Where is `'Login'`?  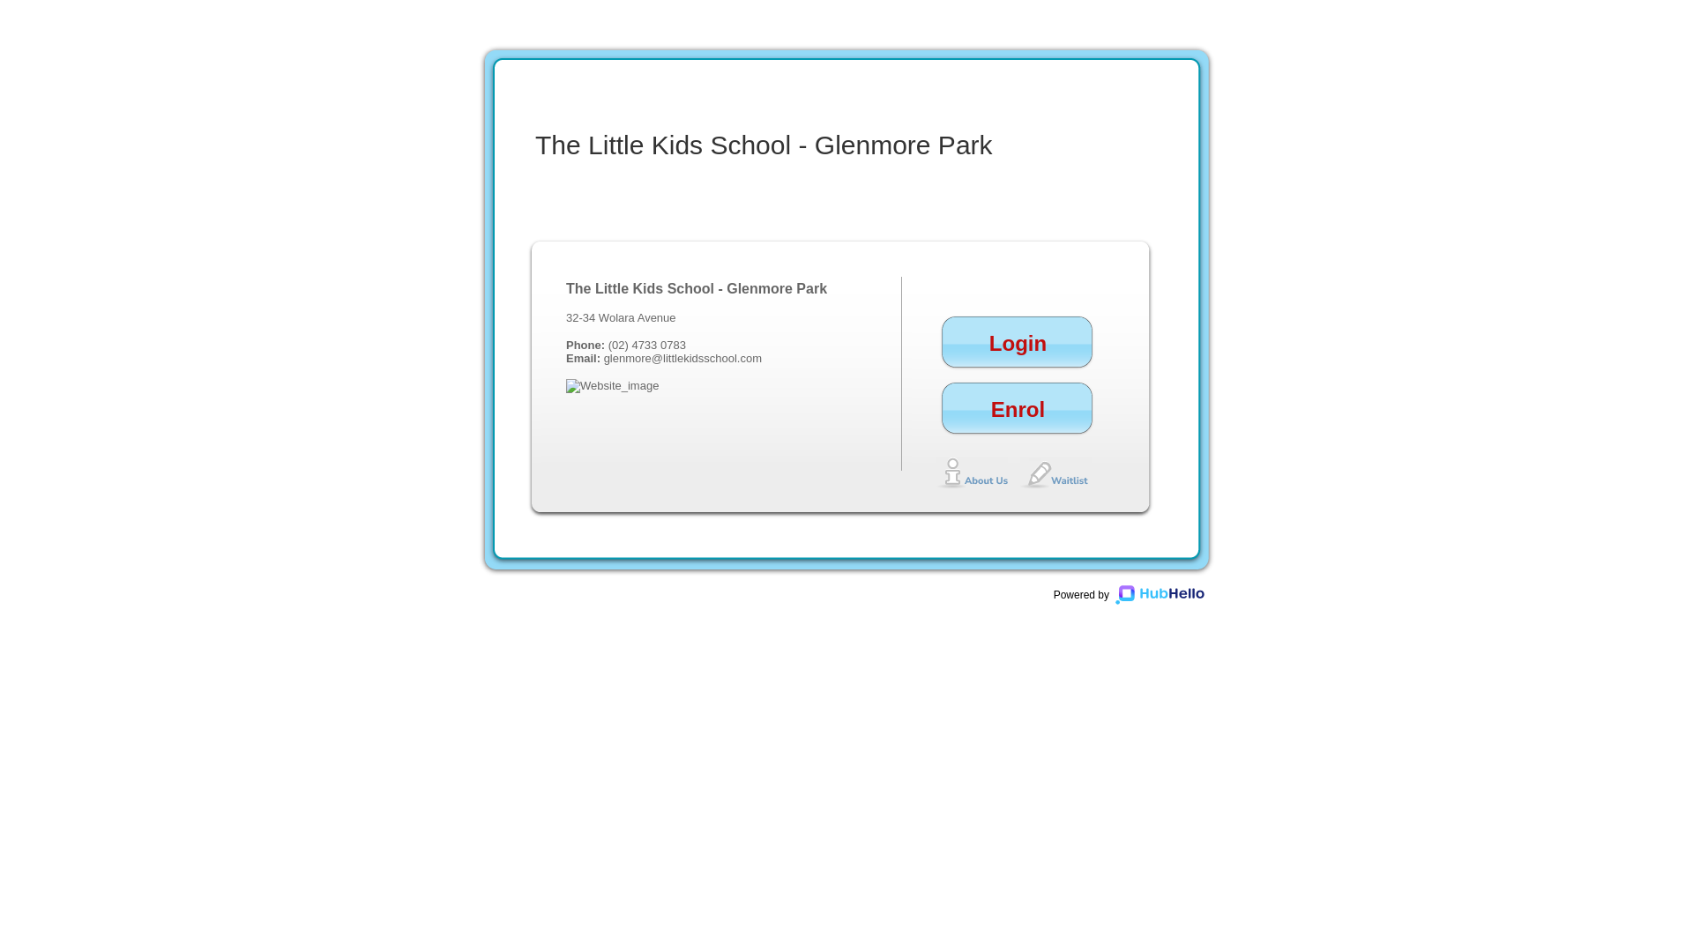 'Login' is located at coordinates (1018, 353).